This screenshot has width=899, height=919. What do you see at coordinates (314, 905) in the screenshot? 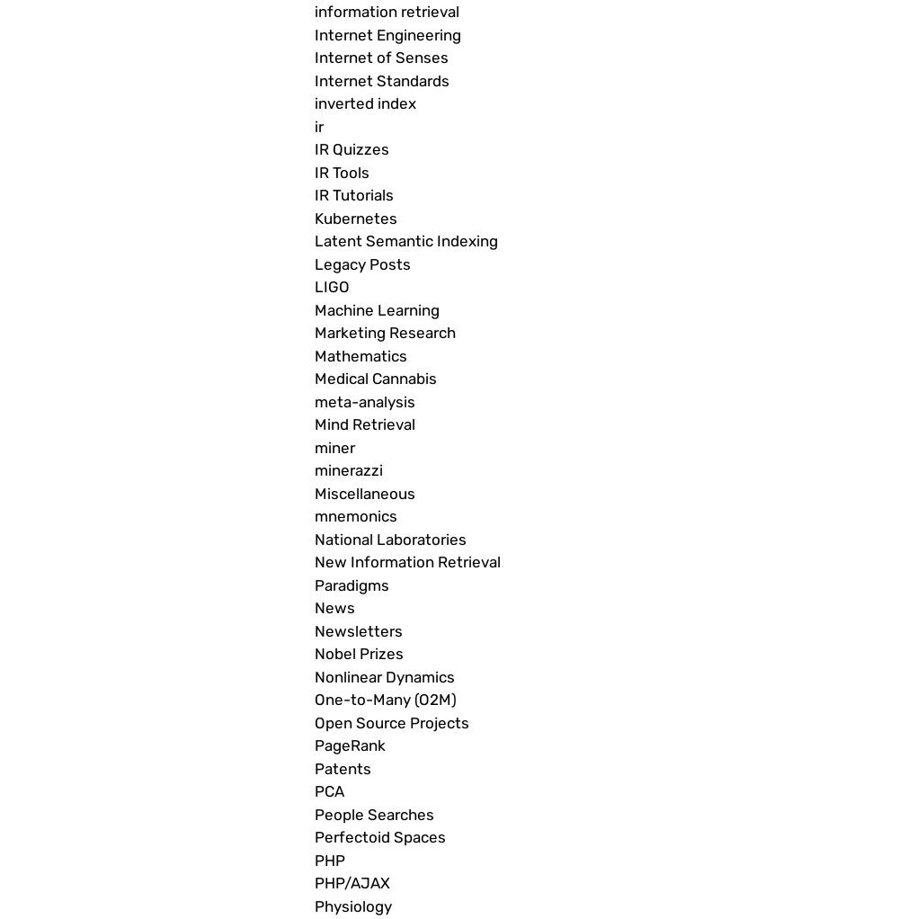
I see `'Physiology'` at bounding box center [314, 905].